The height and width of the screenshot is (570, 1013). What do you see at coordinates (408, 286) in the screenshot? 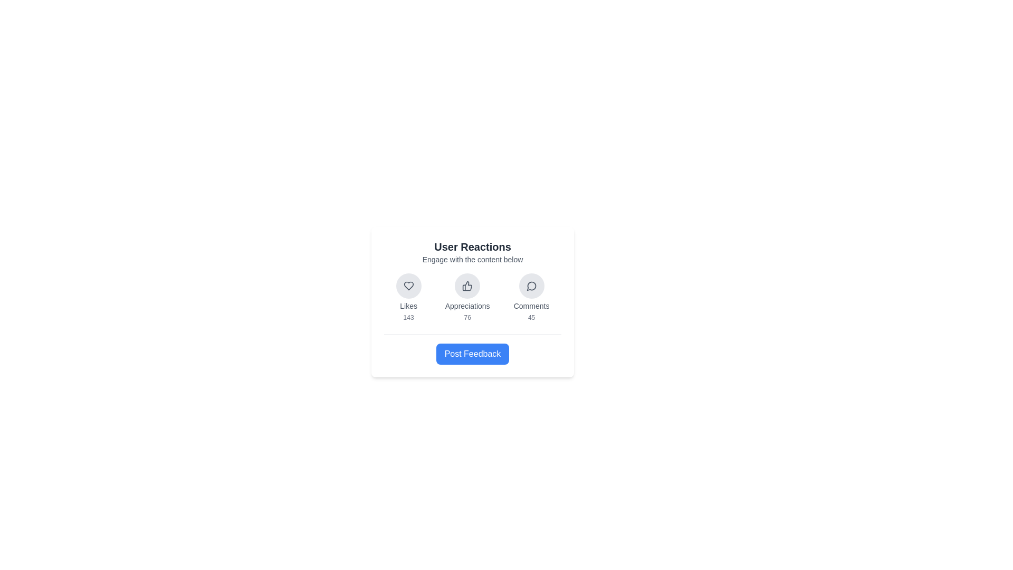
I see `the heart icon outlined in dark shade within the 'User Reactions' group of buttons to like or favorite content` at bounding box center [408, 286].